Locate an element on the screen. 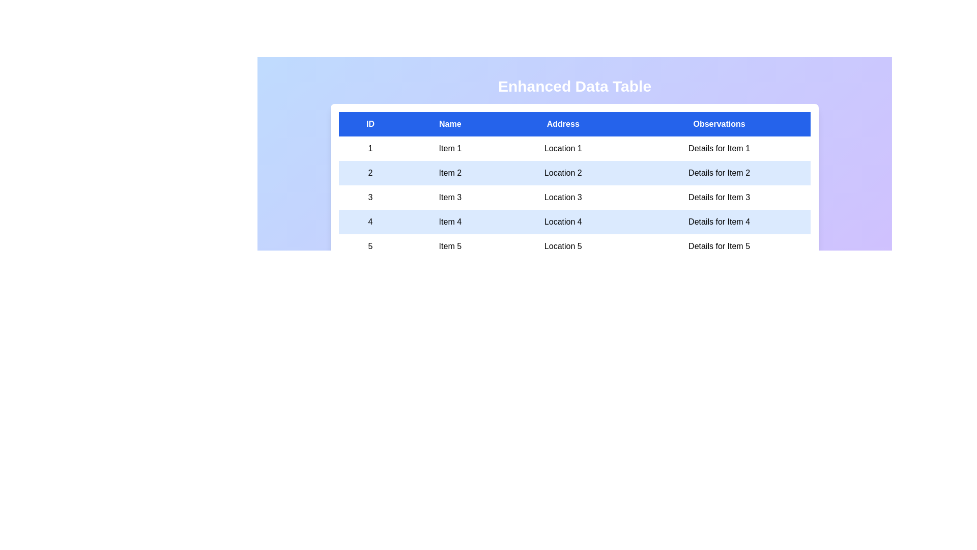  the header labeled ID to sort the table by that column is located at coordinates (370, 123).